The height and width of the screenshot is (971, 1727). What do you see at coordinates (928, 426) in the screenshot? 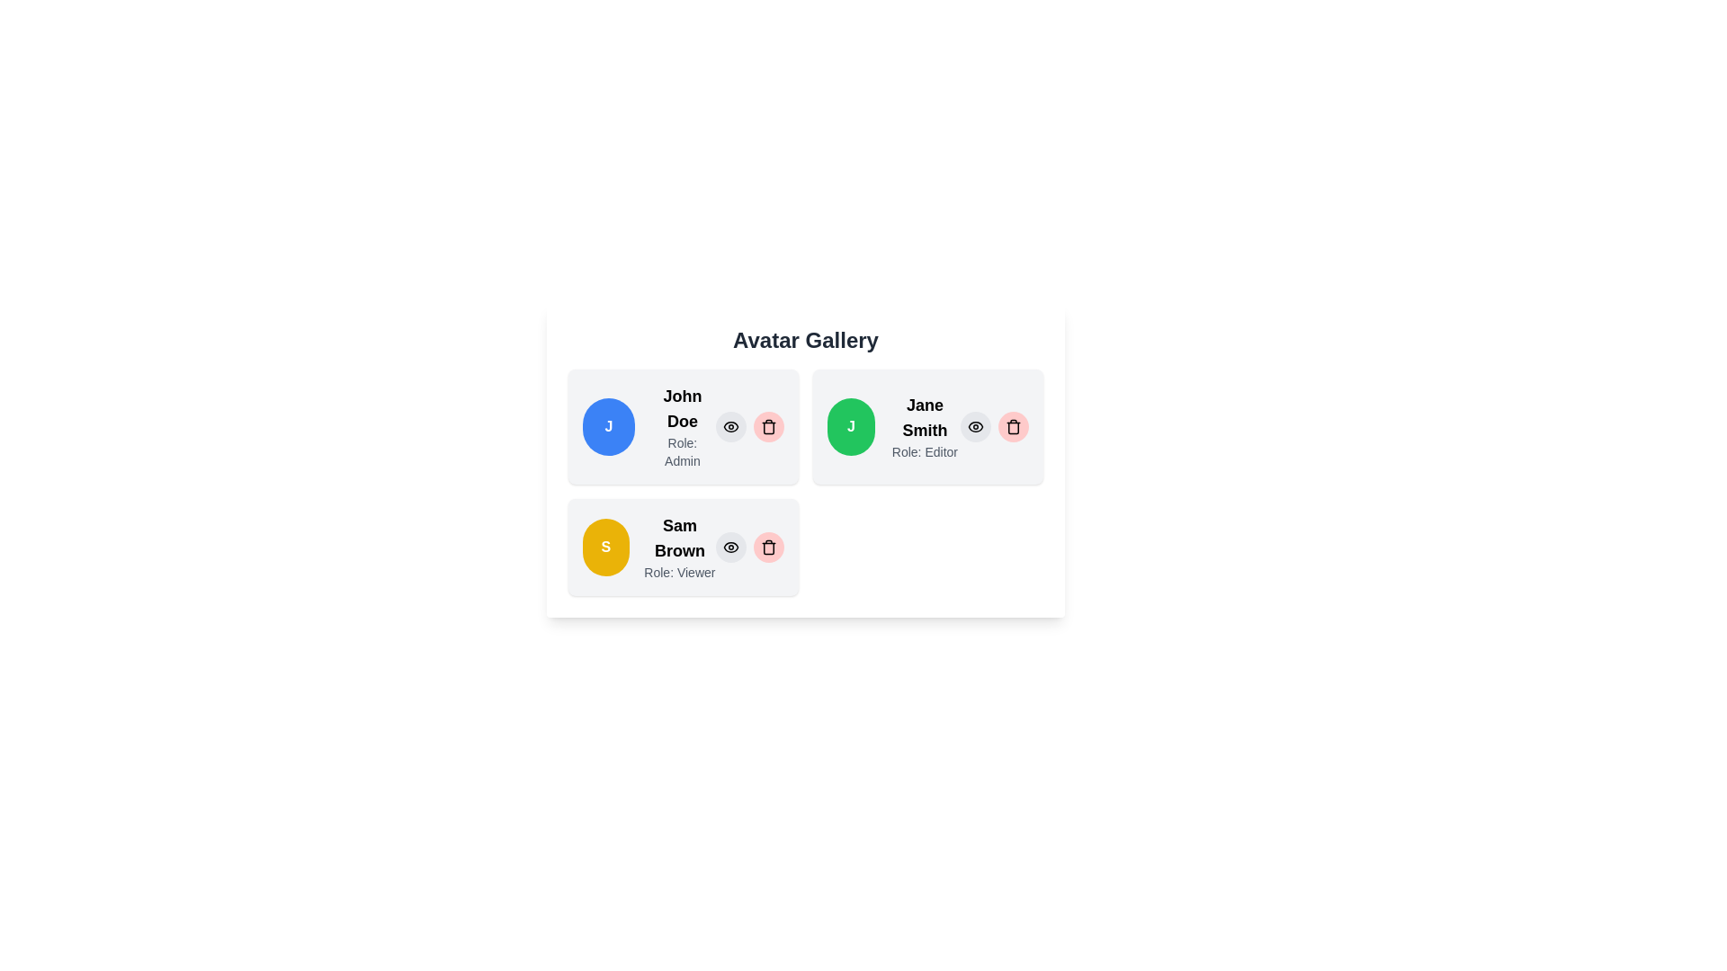
I see `the informational tile featuring a green circular avatar with 'J' and the text 'Jane Smith' and 'Role: Editor'` at bounding box center [928, 426].